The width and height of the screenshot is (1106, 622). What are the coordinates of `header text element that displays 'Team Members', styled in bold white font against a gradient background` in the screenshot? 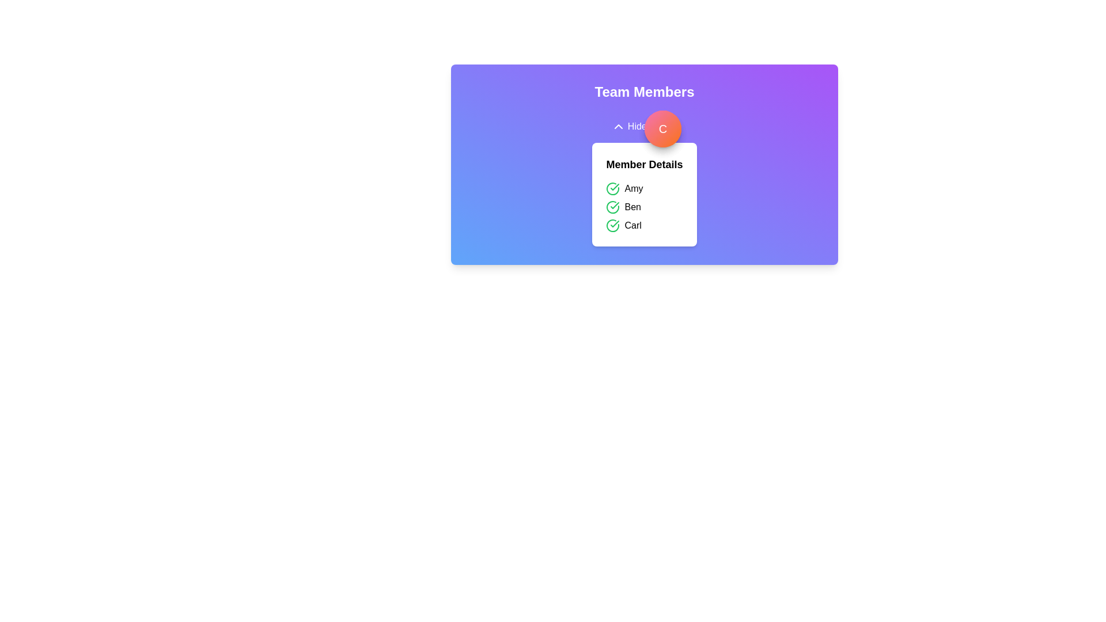 It's located at (643, 91).